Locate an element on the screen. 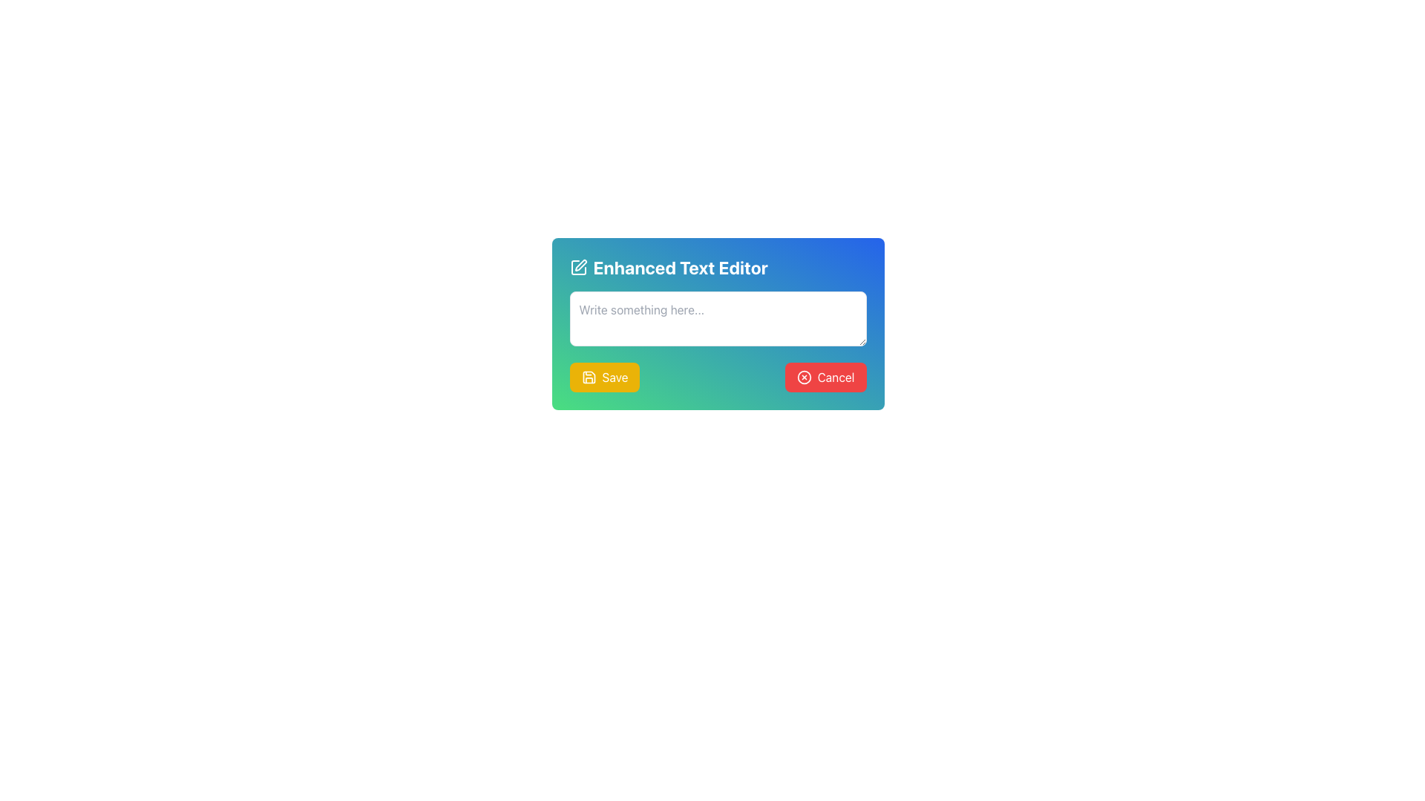  the cancel icon located on the right side of the red 'Cancel' button, near its left edge, which visually indicates the cancel functionality is located at coordinates (803, 377).